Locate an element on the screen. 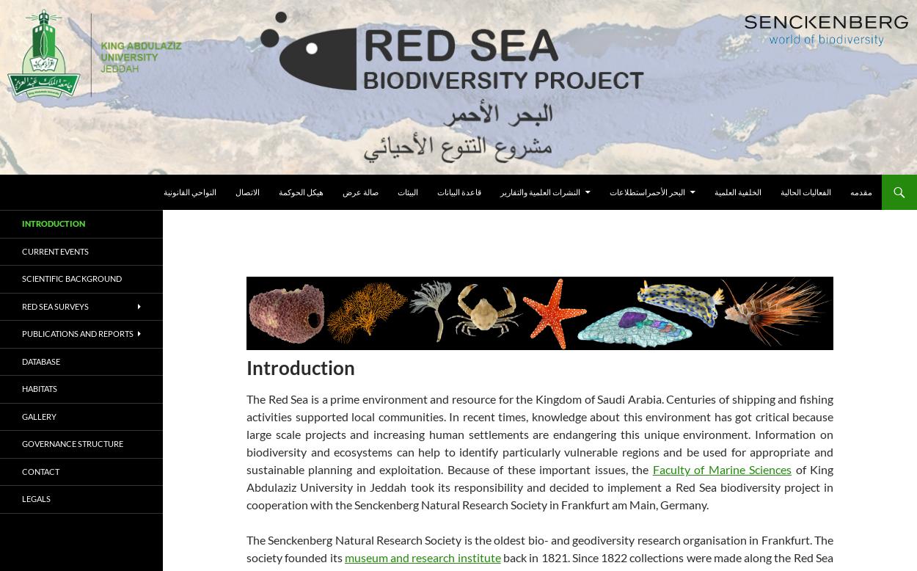 Image resolution: width=917 pixels, height=571 pixels. 'The Senckenberg Natural Research Society is the oldest bio- and geodiversity research organisation in Frankfurt. The society founded its' is located at coordinates (246, 548).